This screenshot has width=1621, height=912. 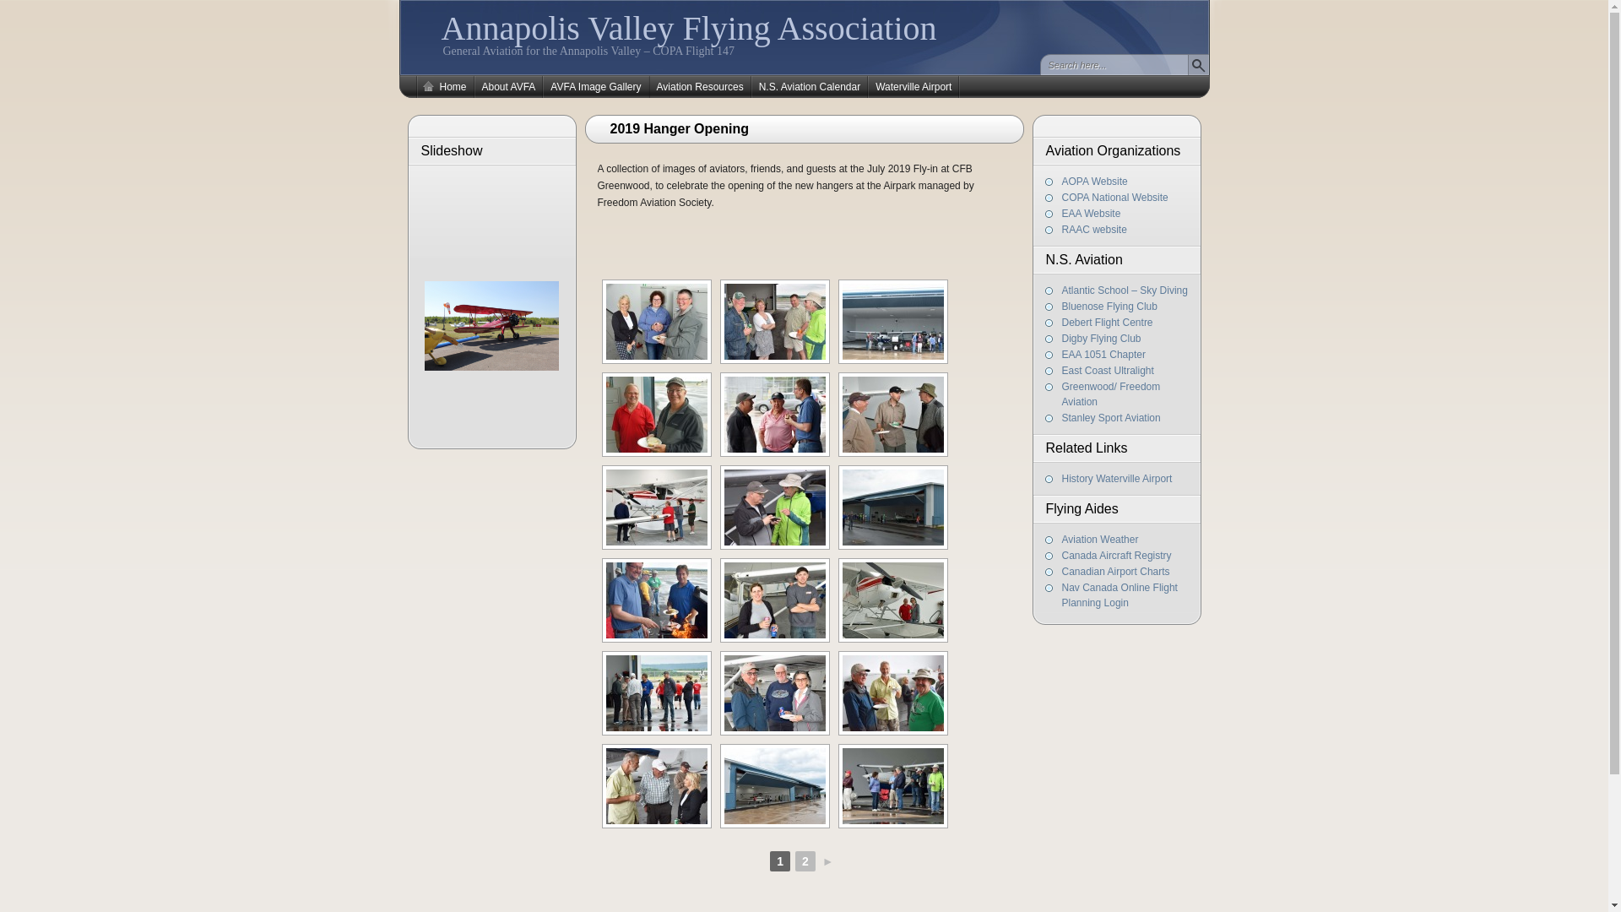 I want to click on 'Bluenose Flying Club', so click(x=1060, y=306).